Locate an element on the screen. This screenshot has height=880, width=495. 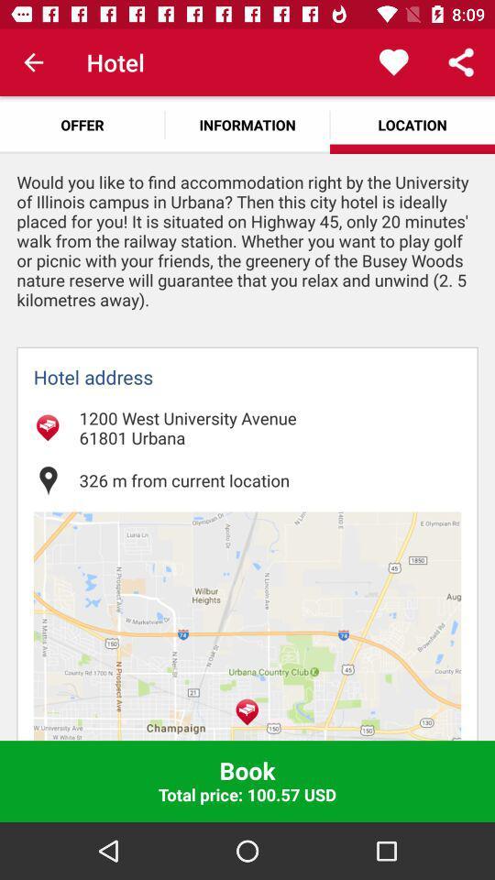
icon next to information item is located at coordinates (82, 124).